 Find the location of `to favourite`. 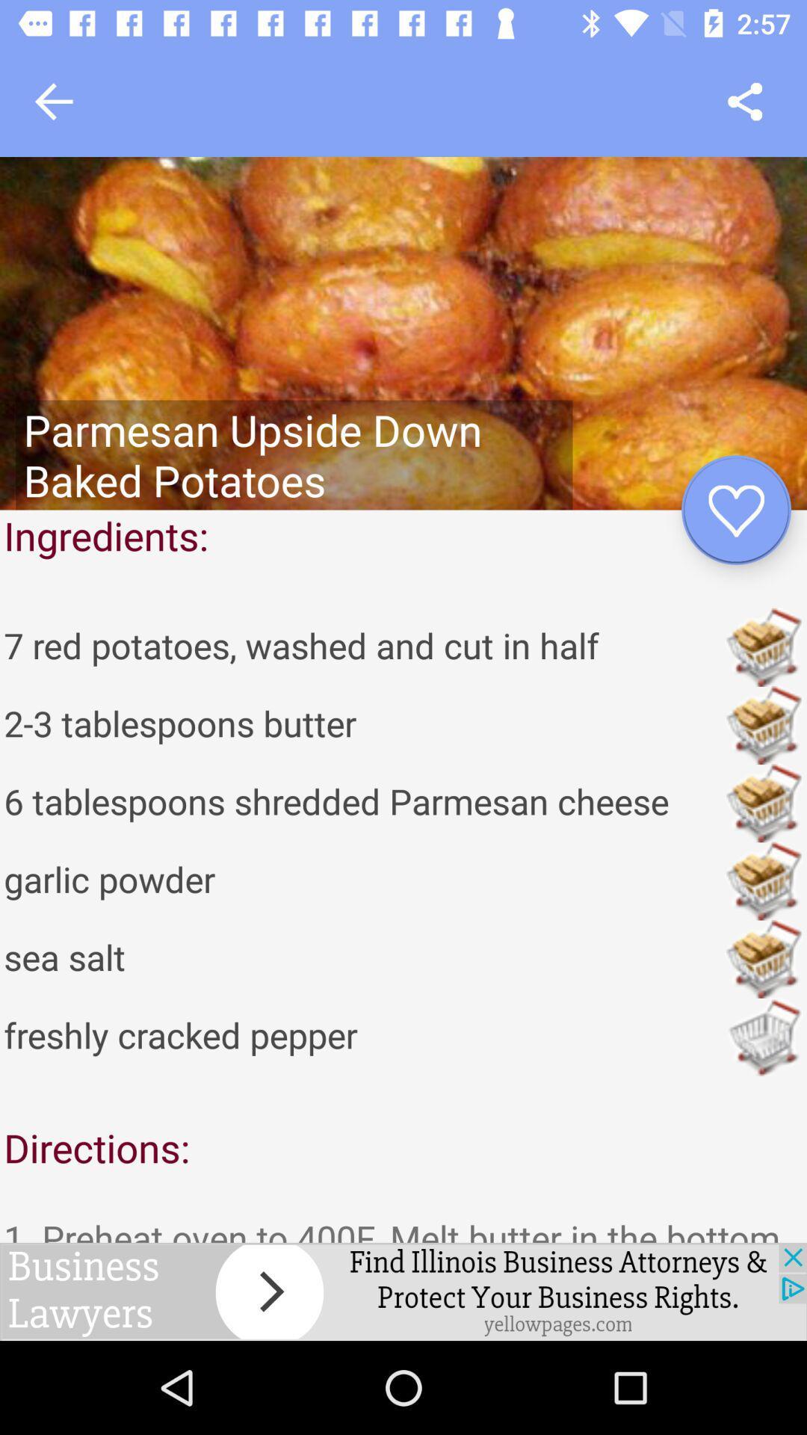

to favourite is located at coordinates (735, 510).